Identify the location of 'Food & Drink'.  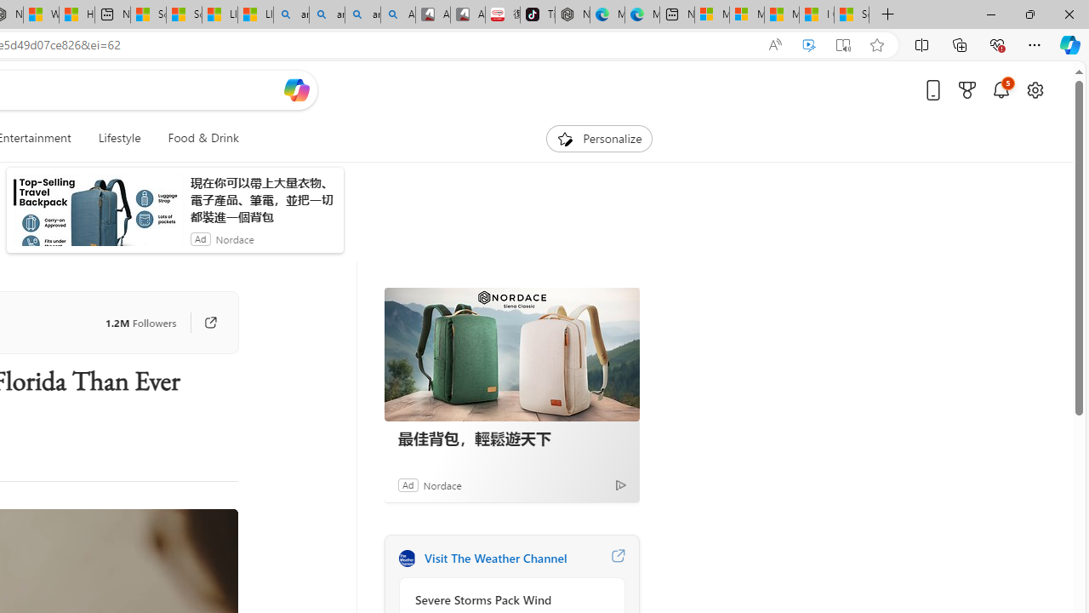
(197, 138).